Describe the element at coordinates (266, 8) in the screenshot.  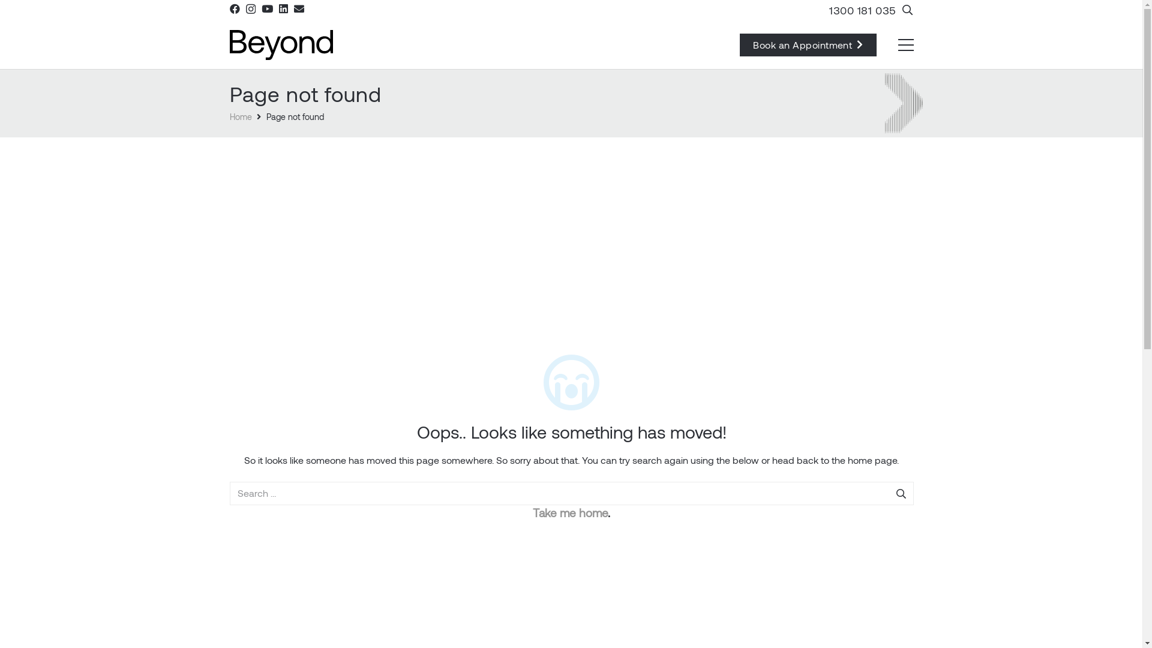
I see `'YouTube'` at that location.